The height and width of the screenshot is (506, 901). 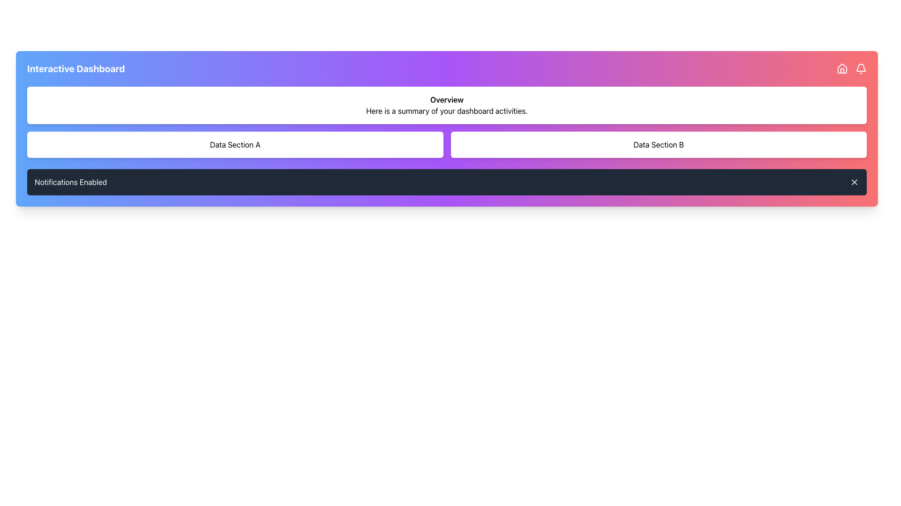 I want to click on the bell icon, which is styled with a simple outline and positioned as the second icon in a horizontal group at the top-right corner of the interface, so click(x=861, y=68).